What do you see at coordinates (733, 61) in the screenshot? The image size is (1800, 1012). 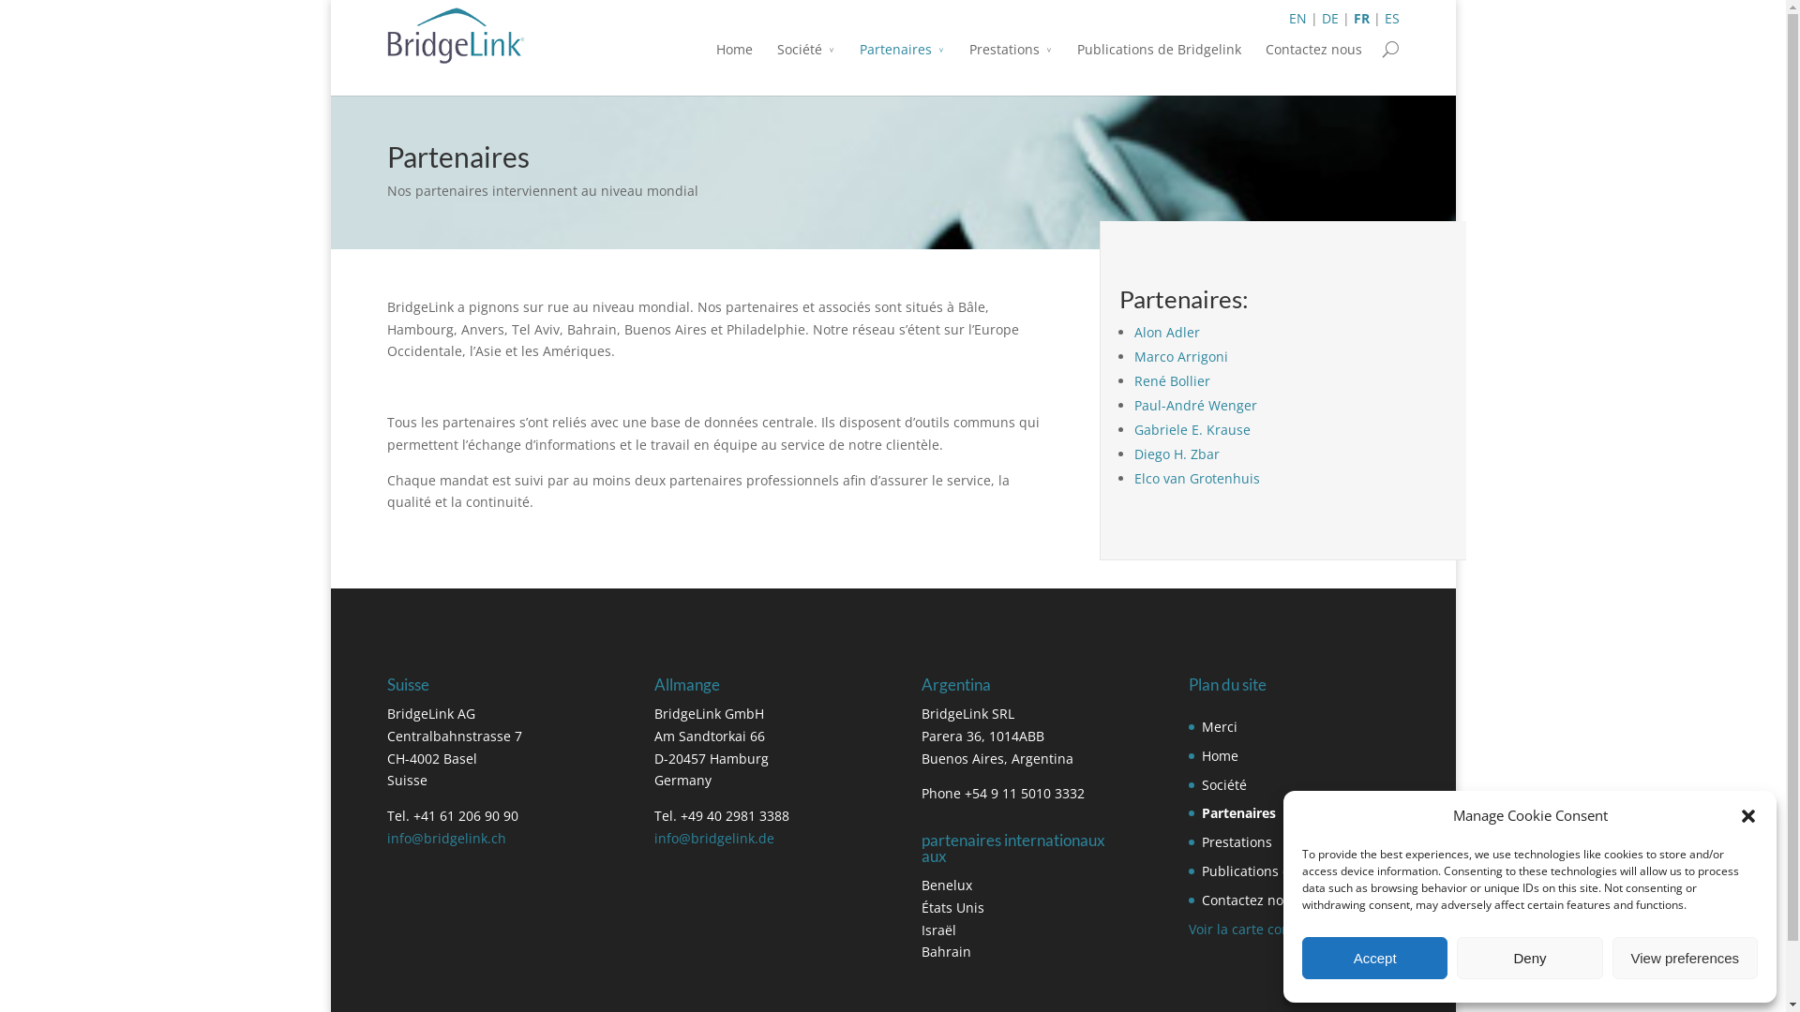 I see `'Home'` at bounding box center [733, 61].